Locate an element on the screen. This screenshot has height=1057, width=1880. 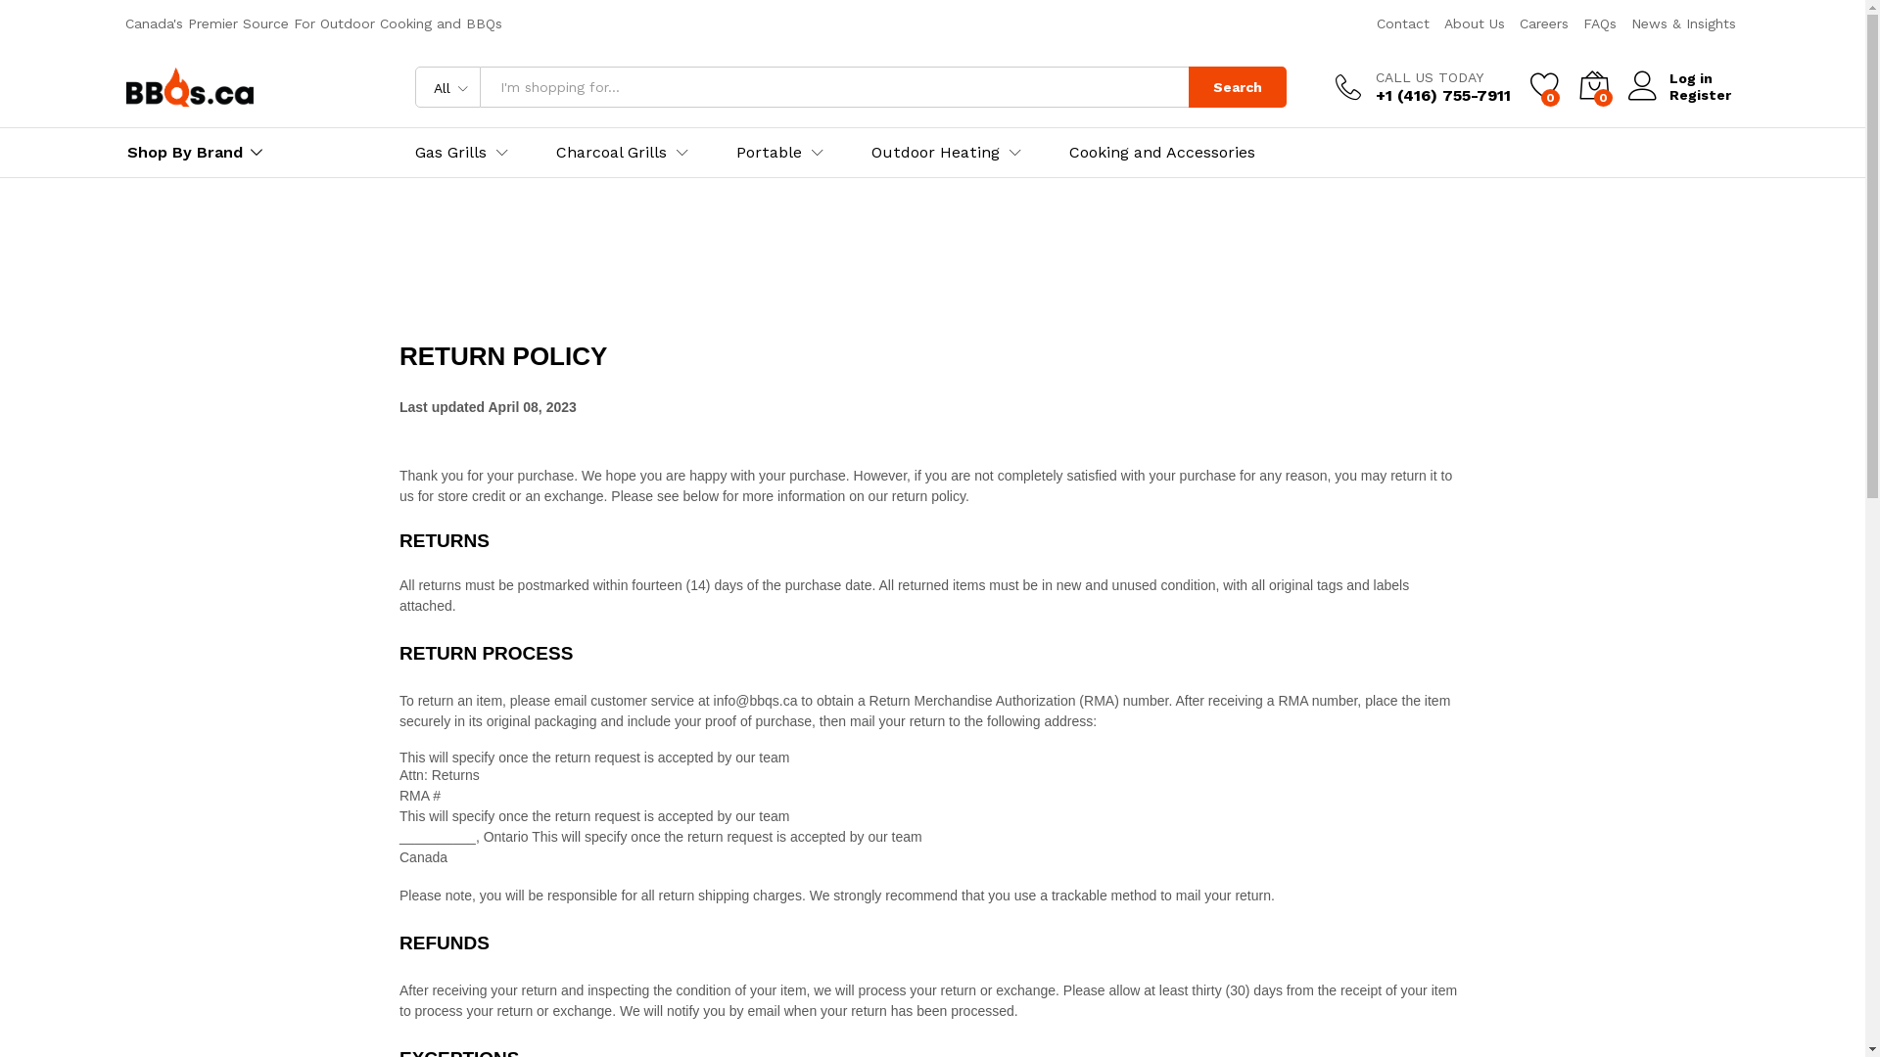
'Charcoal Grills' is located at coordinates (554, 151).